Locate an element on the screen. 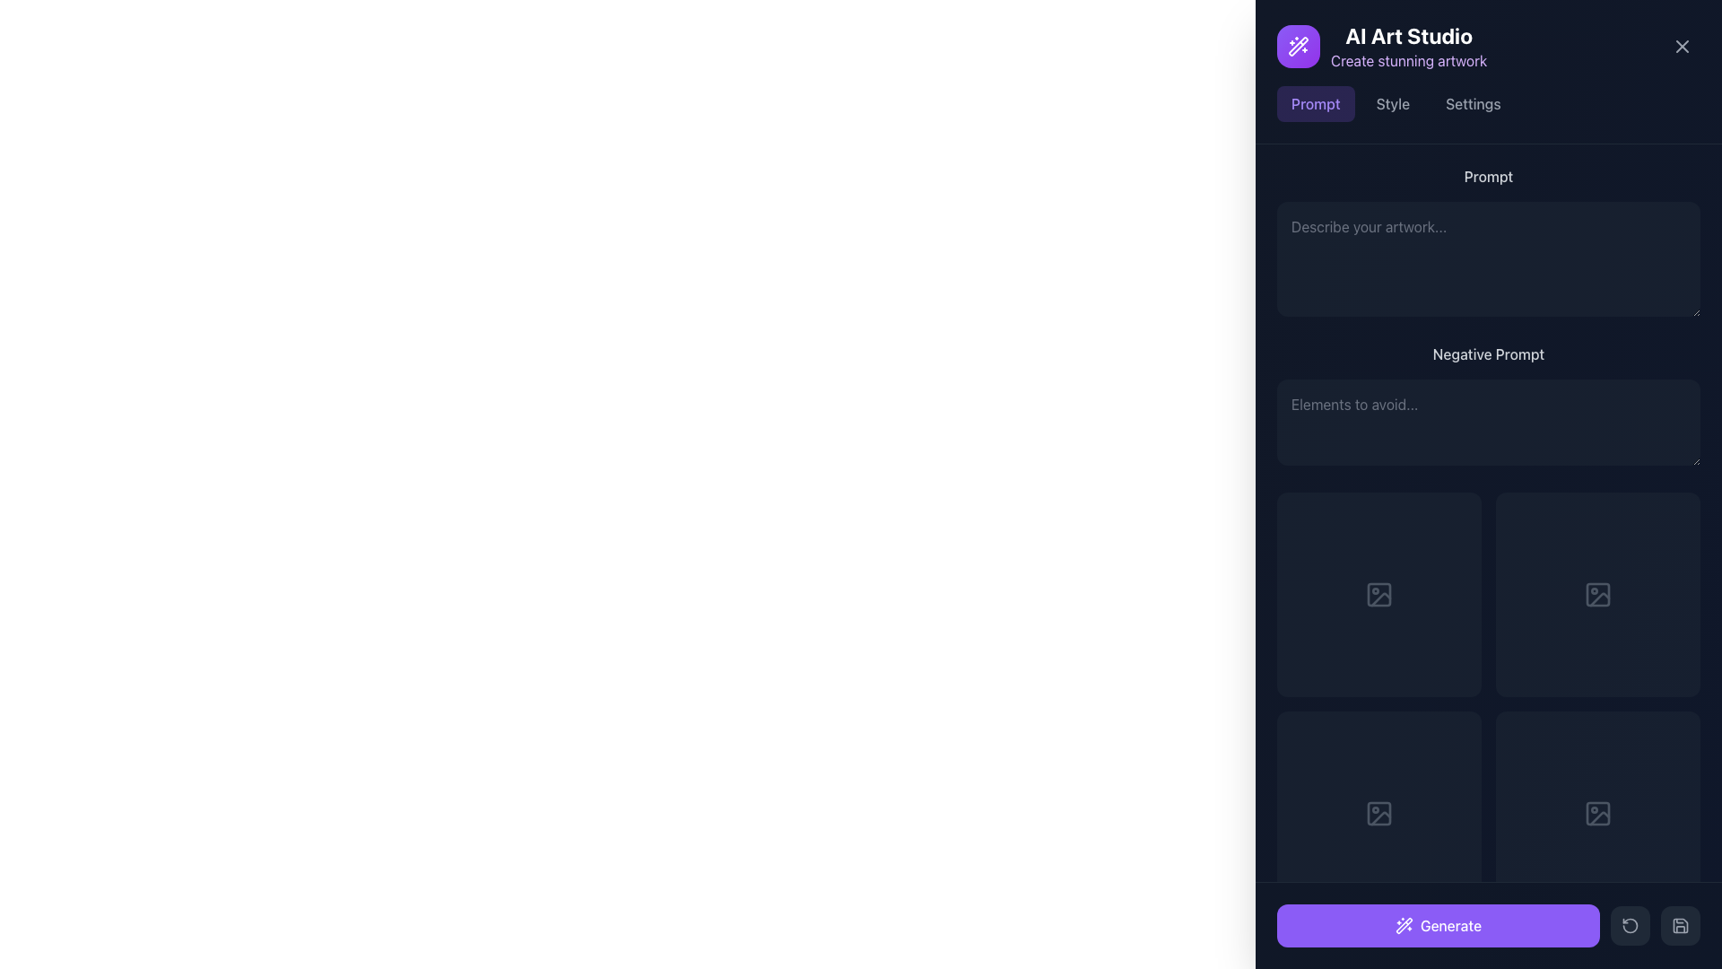 Image resolution: width=1722 pixels, height=969 pixels. the grid layout located in the lower region of the interface, below the 'Negative Prompt' input box, which consists of four squares is located at coordinates (1489, 703).